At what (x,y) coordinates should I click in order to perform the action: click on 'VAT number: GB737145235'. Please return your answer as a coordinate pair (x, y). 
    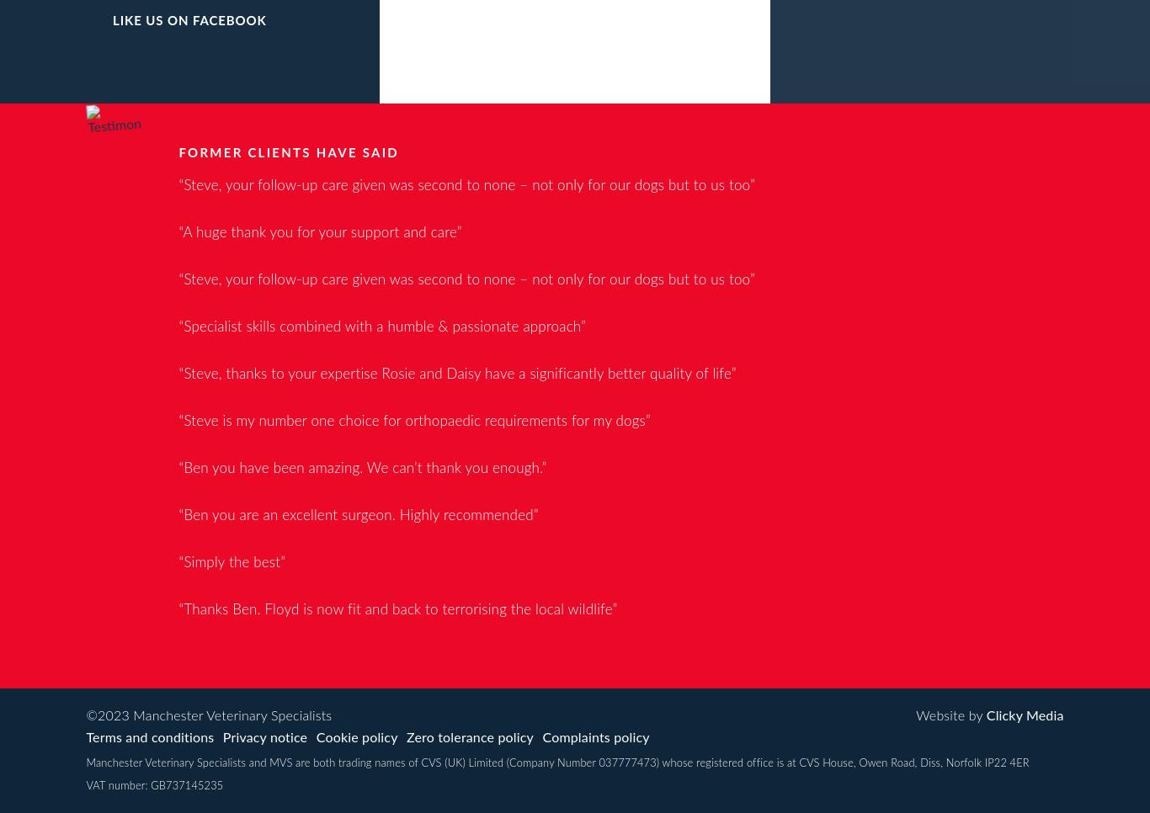
    Looking at the image, I should click on (153, 784).